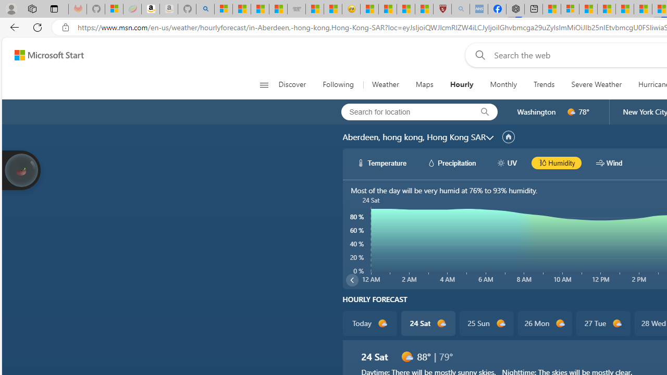  Describe the element at coordinates (428, 323) in the screenshot. I see `'24 Sat d1000'` at that location.